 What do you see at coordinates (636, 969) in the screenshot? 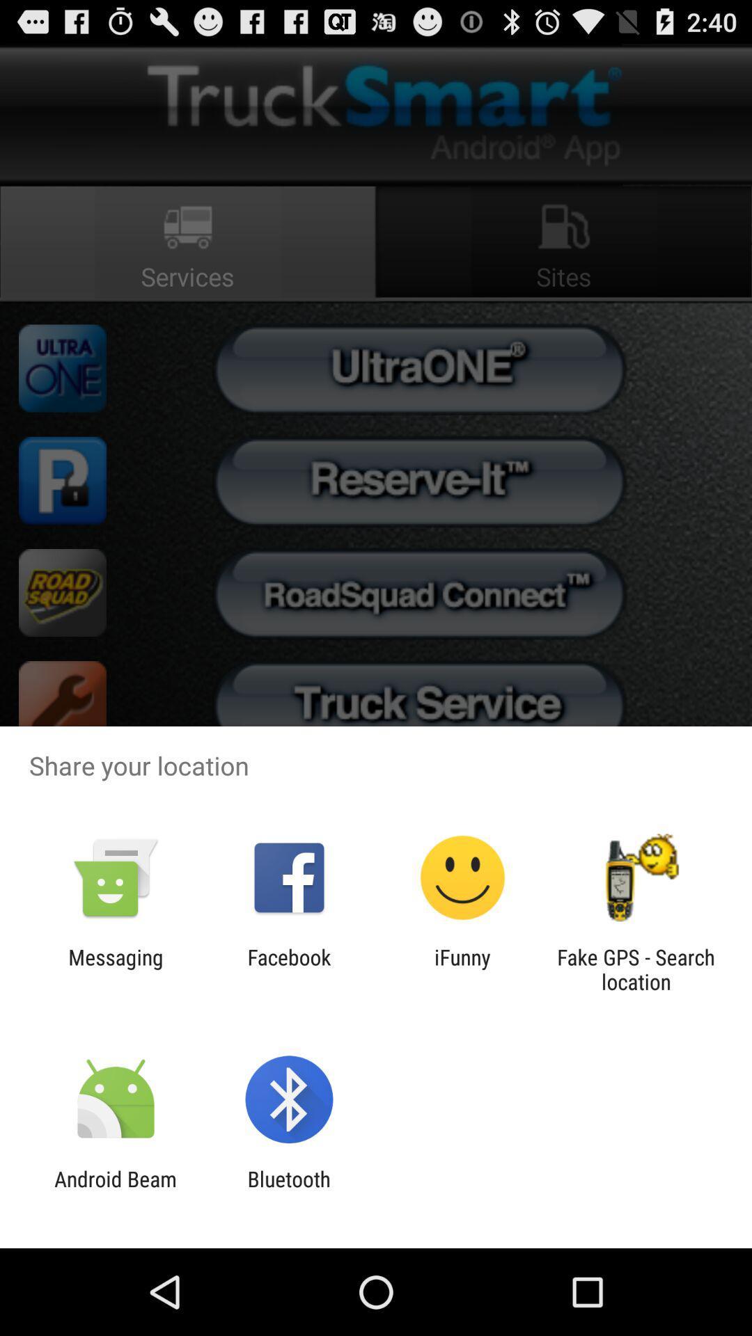
I see `fake gps search` at bounding box center [636, 969].